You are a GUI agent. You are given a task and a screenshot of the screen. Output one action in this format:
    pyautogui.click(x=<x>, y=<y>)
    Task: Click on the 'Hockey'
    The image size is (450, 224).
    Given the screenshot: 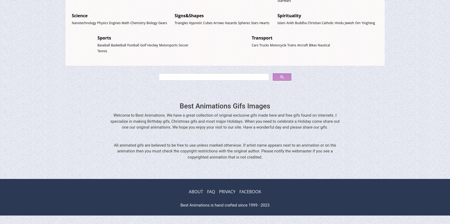 What is the action you would take?
    pyautogui.click(x=152, y=45)
    